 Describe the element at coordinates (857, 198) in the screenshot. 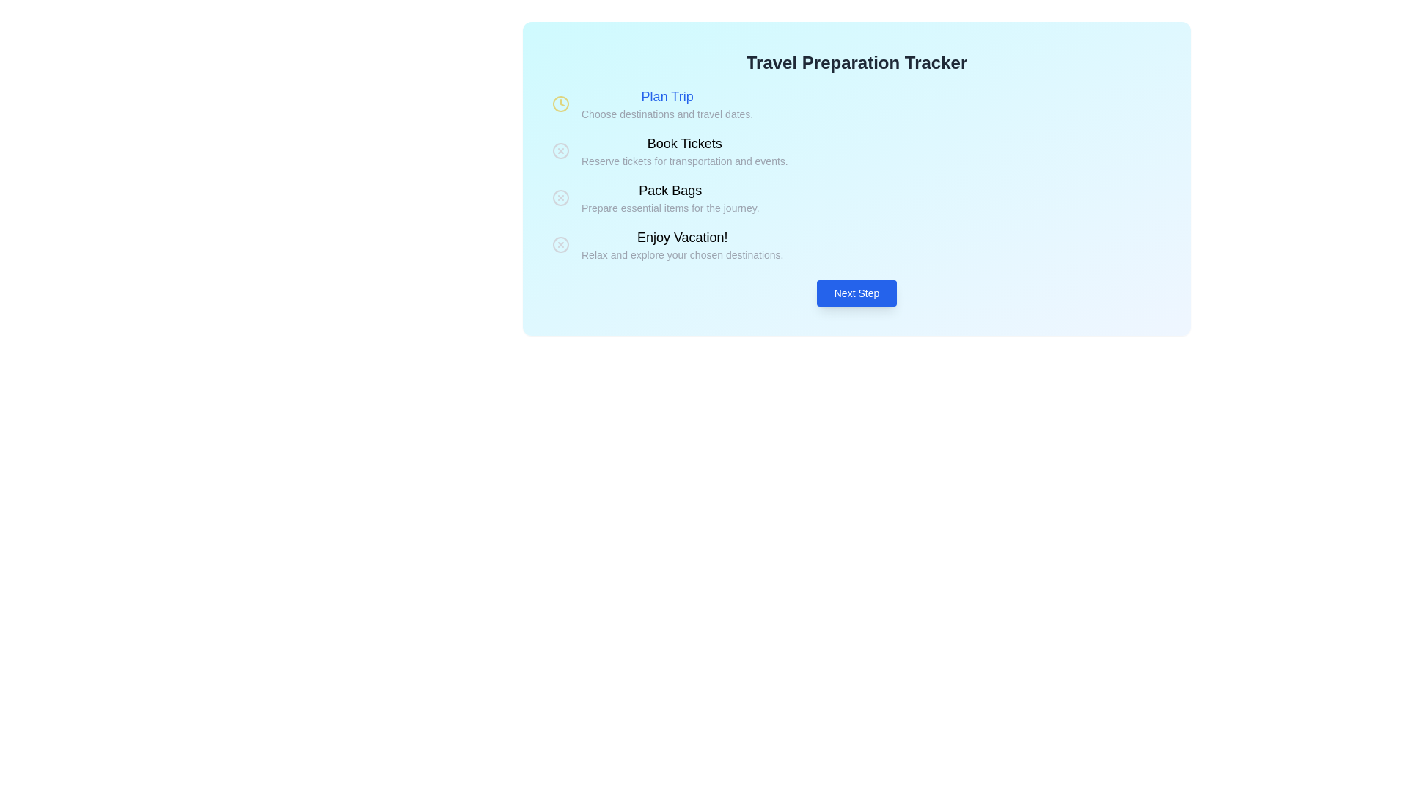

I see `the 'Pack Bags' step indicator in the 'Travel Preparation Tracker' interface, which includes a bold title and a subtitle, and is positioned between 'Book Tickets' and 'Enjoy Vacation!'` at that location.